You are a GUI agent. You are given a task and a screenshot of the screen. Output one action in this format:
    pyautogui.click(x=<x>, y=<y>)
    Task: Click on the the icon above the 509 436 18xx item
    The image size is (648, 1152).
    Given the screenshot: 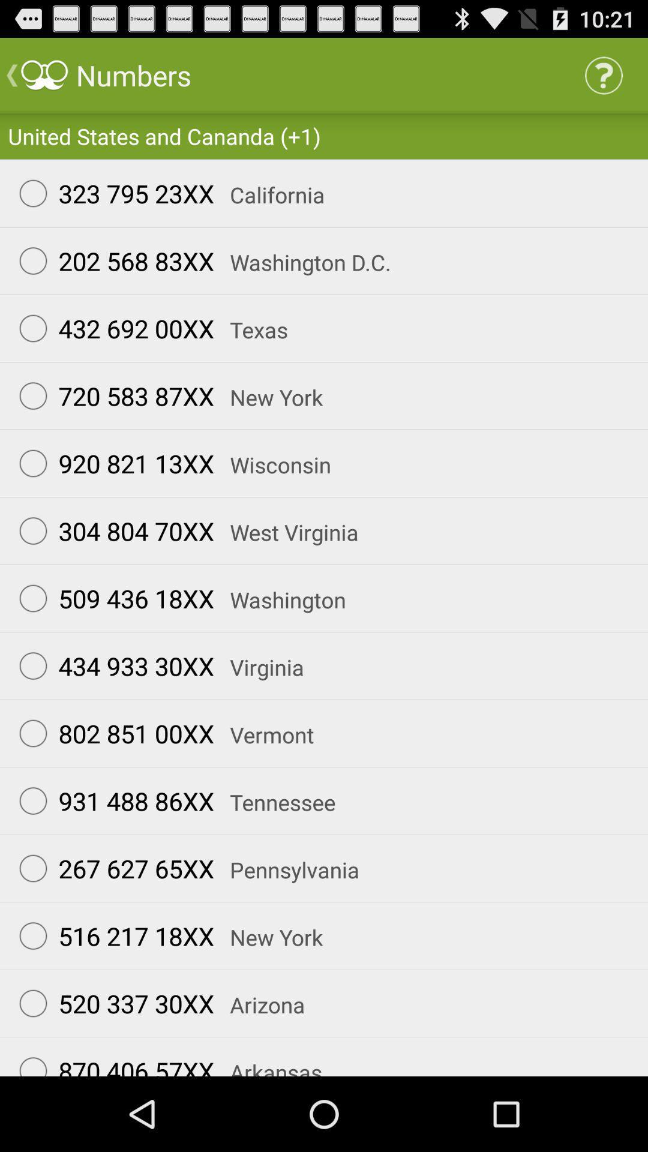 What is the action you would take?
    pyautogui.click(x=111, y=530)
    